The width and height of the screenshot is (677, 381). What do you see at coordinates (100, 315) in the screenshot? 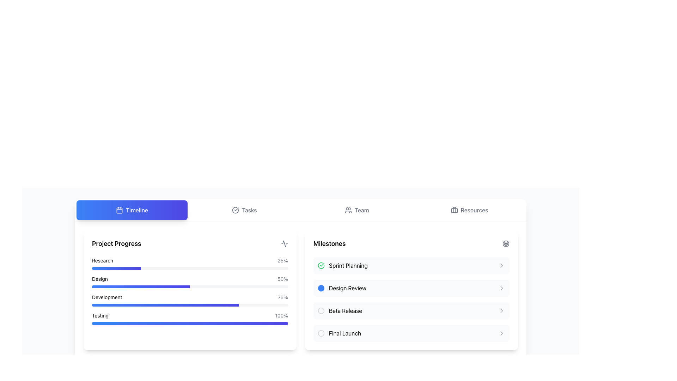
I see `the text label indicating the task or category above the progress bar labeled '100%'` at bounding box center [100, 315].